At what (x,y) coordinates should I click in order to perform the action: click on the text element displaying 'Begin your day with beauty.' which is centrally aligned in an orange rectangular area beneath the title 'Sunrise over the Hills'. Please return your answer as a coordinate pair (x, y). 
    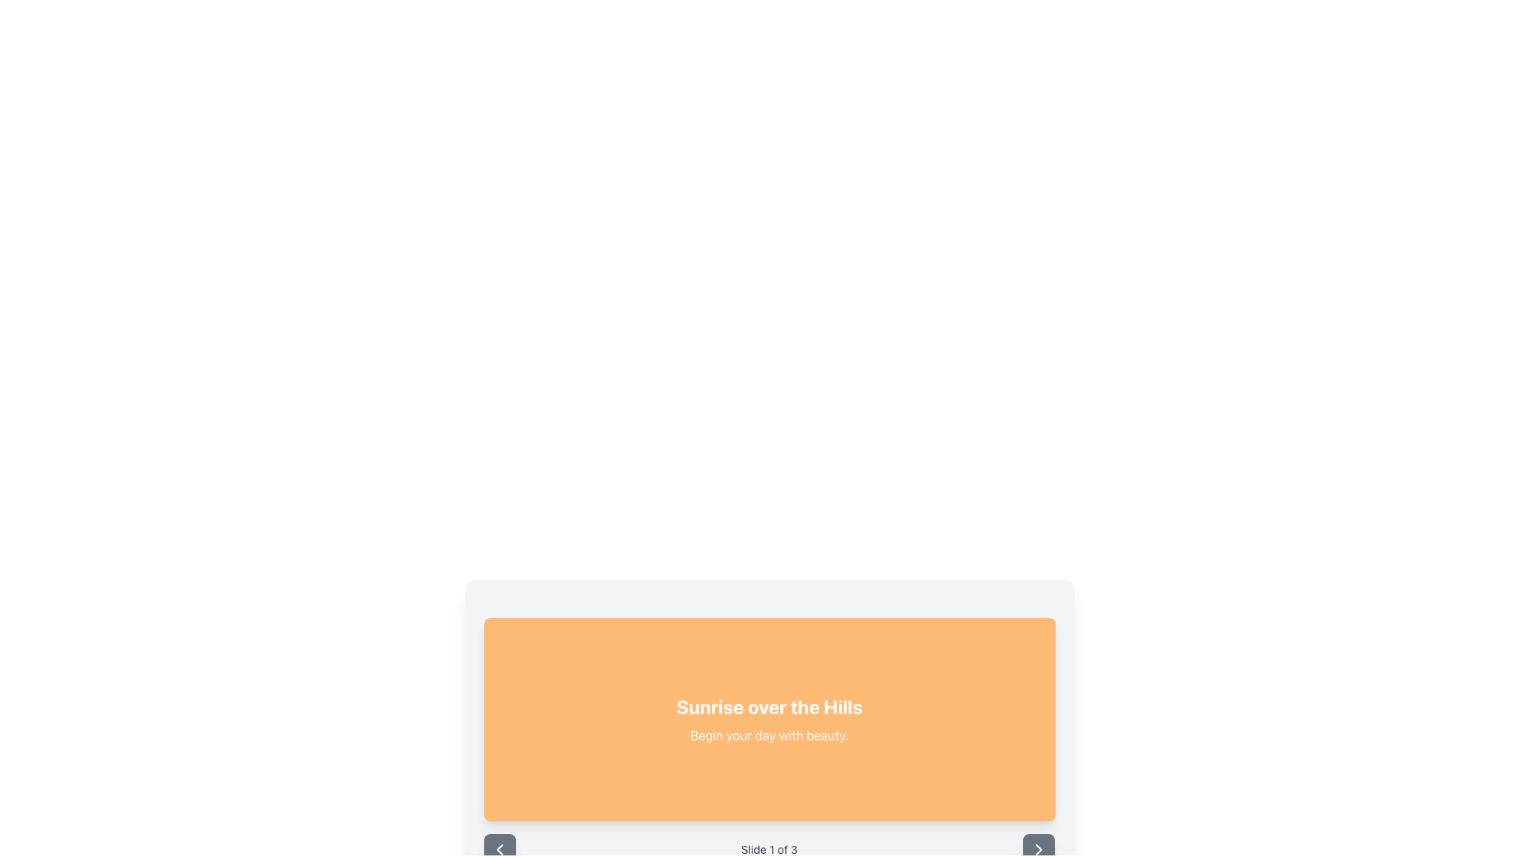
    Looking at the image, I should click on (769, 735).